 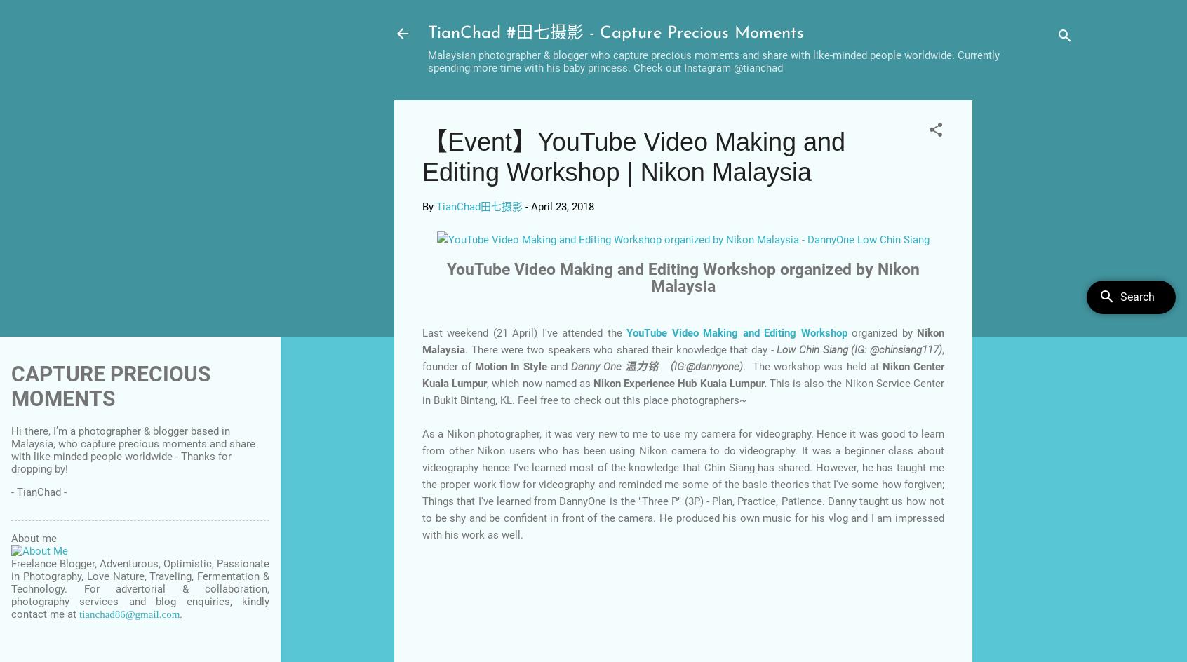 I want to click on 'Freelance Blogger, Adventurous, Optimistic, Passionate in Photography, Love Nature, Traveling, Fermentation & Technology. For advertorial & collaboration, photography services and blog enquiries, kindly contact me at', so click(x=11, y=588).